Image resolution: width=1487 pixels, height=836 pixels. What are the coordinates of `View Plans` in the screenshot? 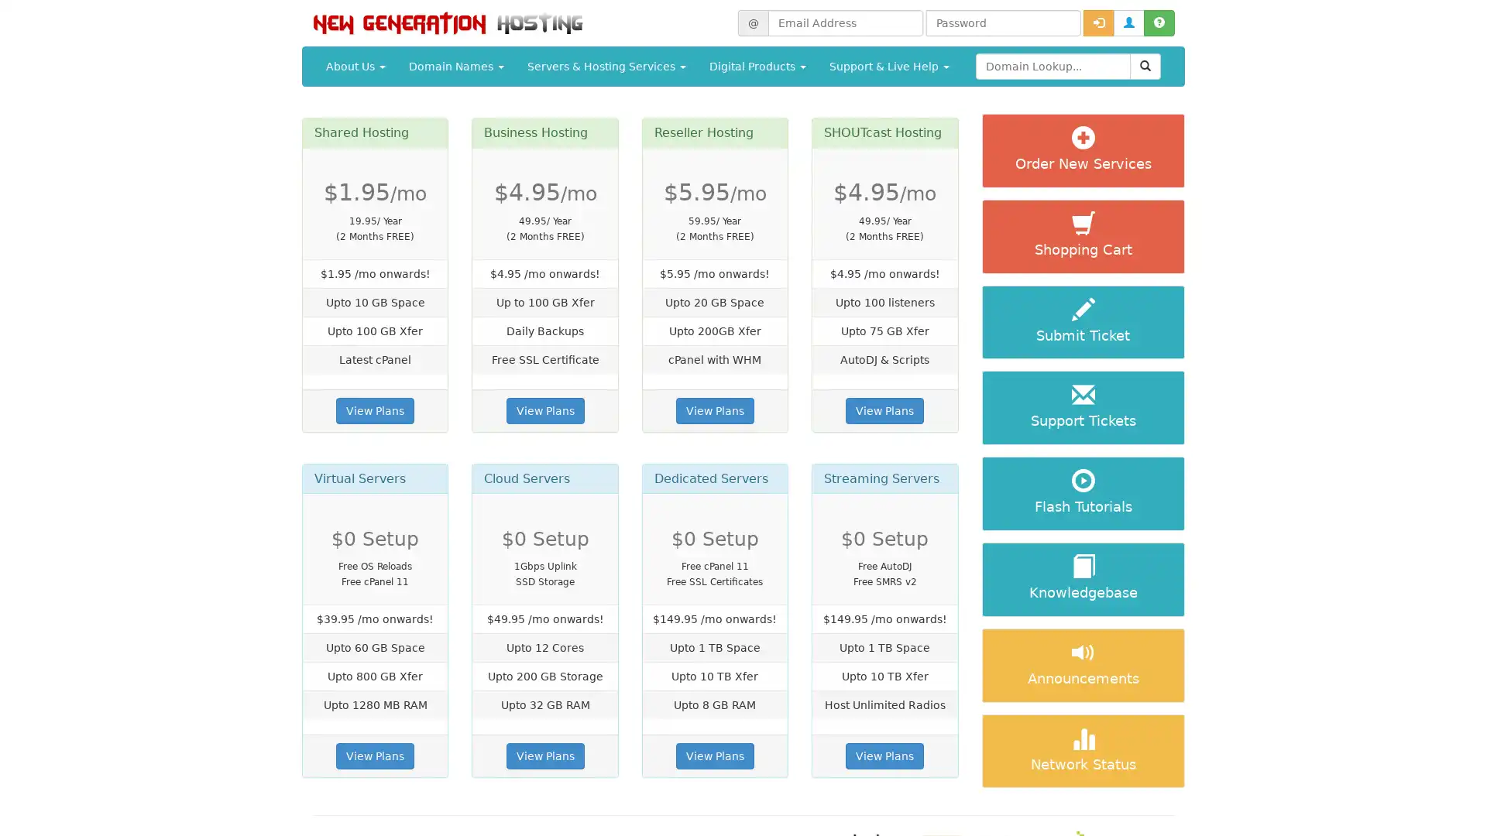 It's located at (713, 409).